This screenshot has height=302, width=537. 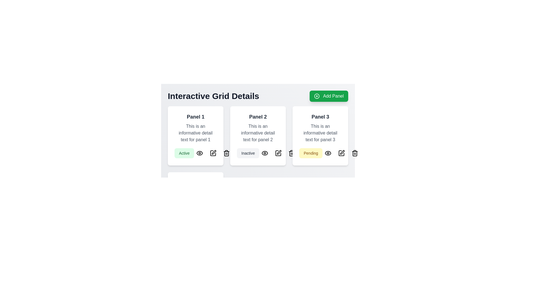 What do you see at coordinates (341, 153) in the screenshot?
I see `the edit icon button, which is a square icon with a black outline, located beneath 'Panel 3' between the eye icon and the trashcan icon` at bounding box center [341, 153].